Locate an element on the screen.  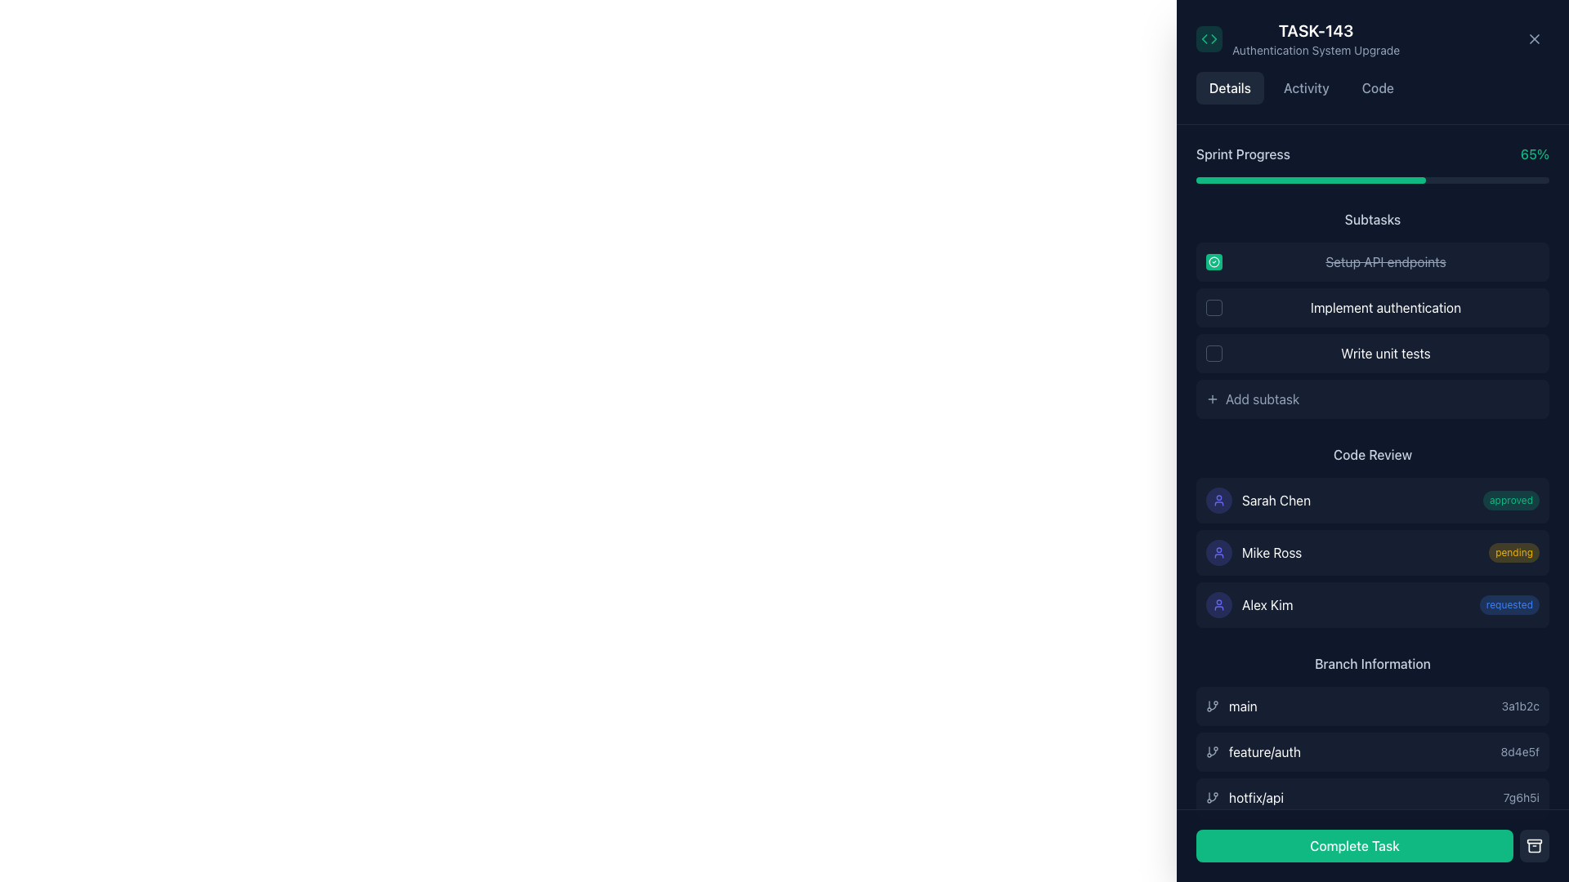
the second subtask in the 'Subtasks' list is located at coordinates (1373, 314).